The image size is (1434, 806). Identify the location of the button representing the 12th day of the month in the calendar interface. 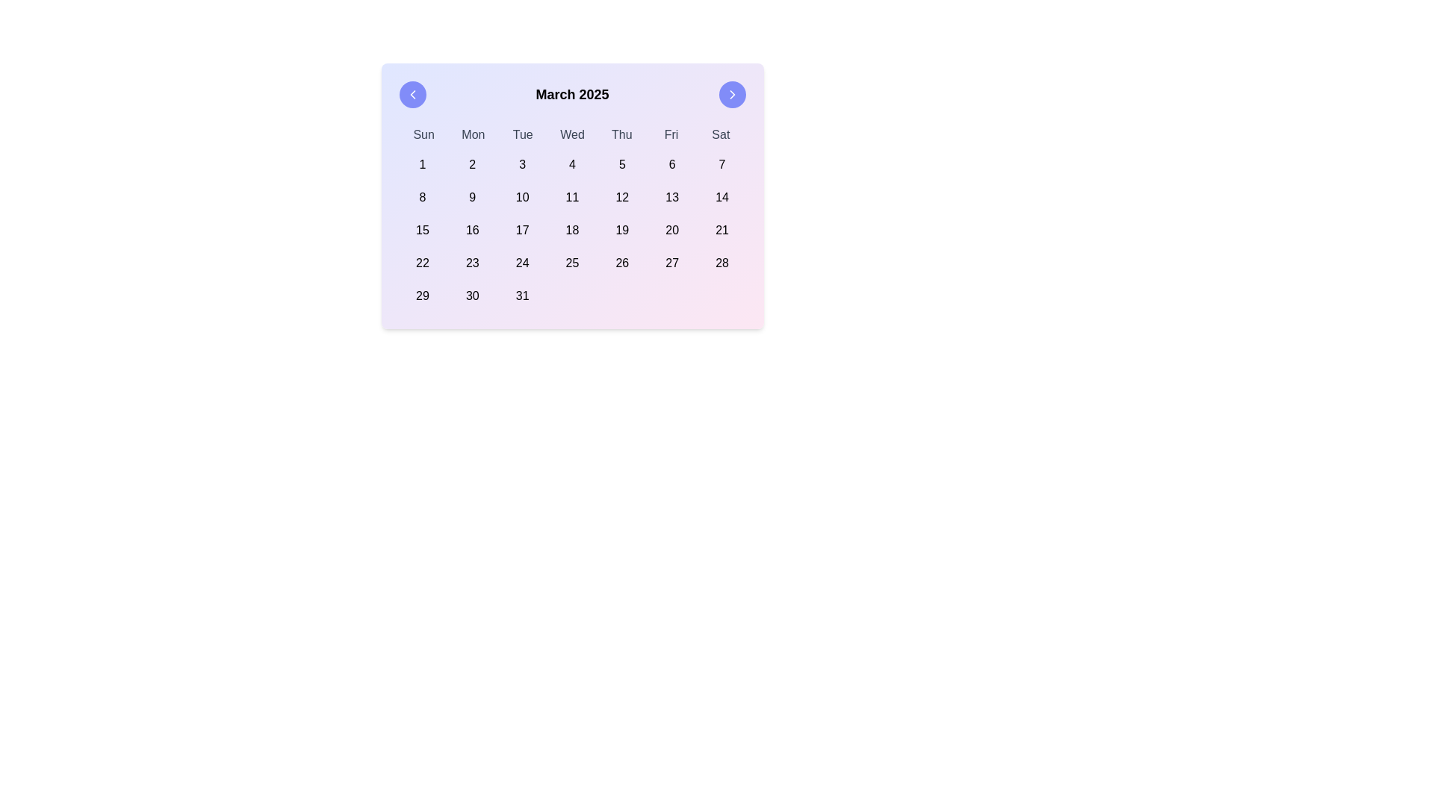
(622, 197).